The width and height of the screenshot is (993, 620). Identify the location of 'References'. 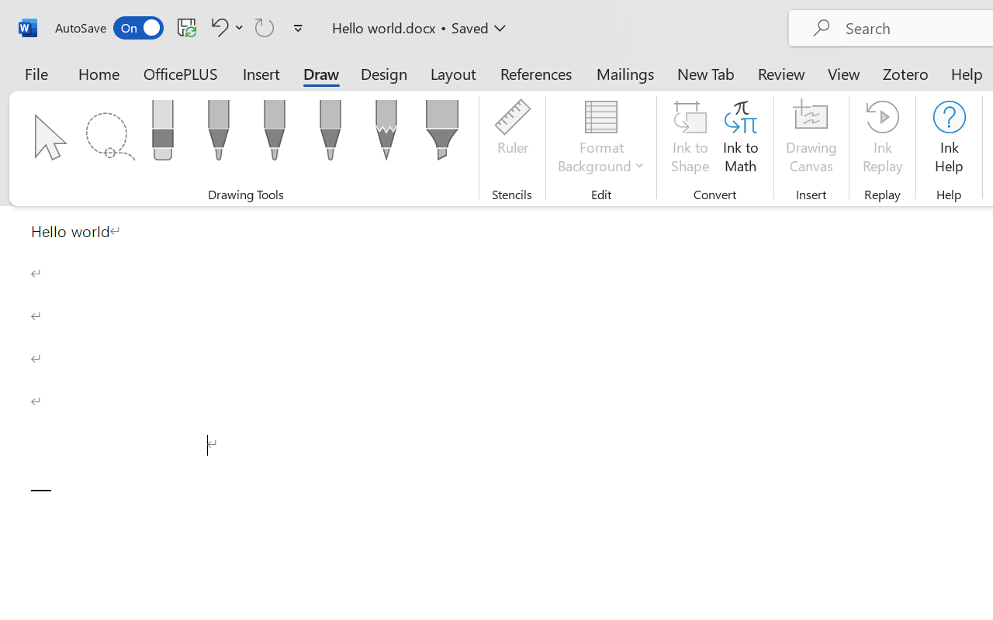
(536, 73).